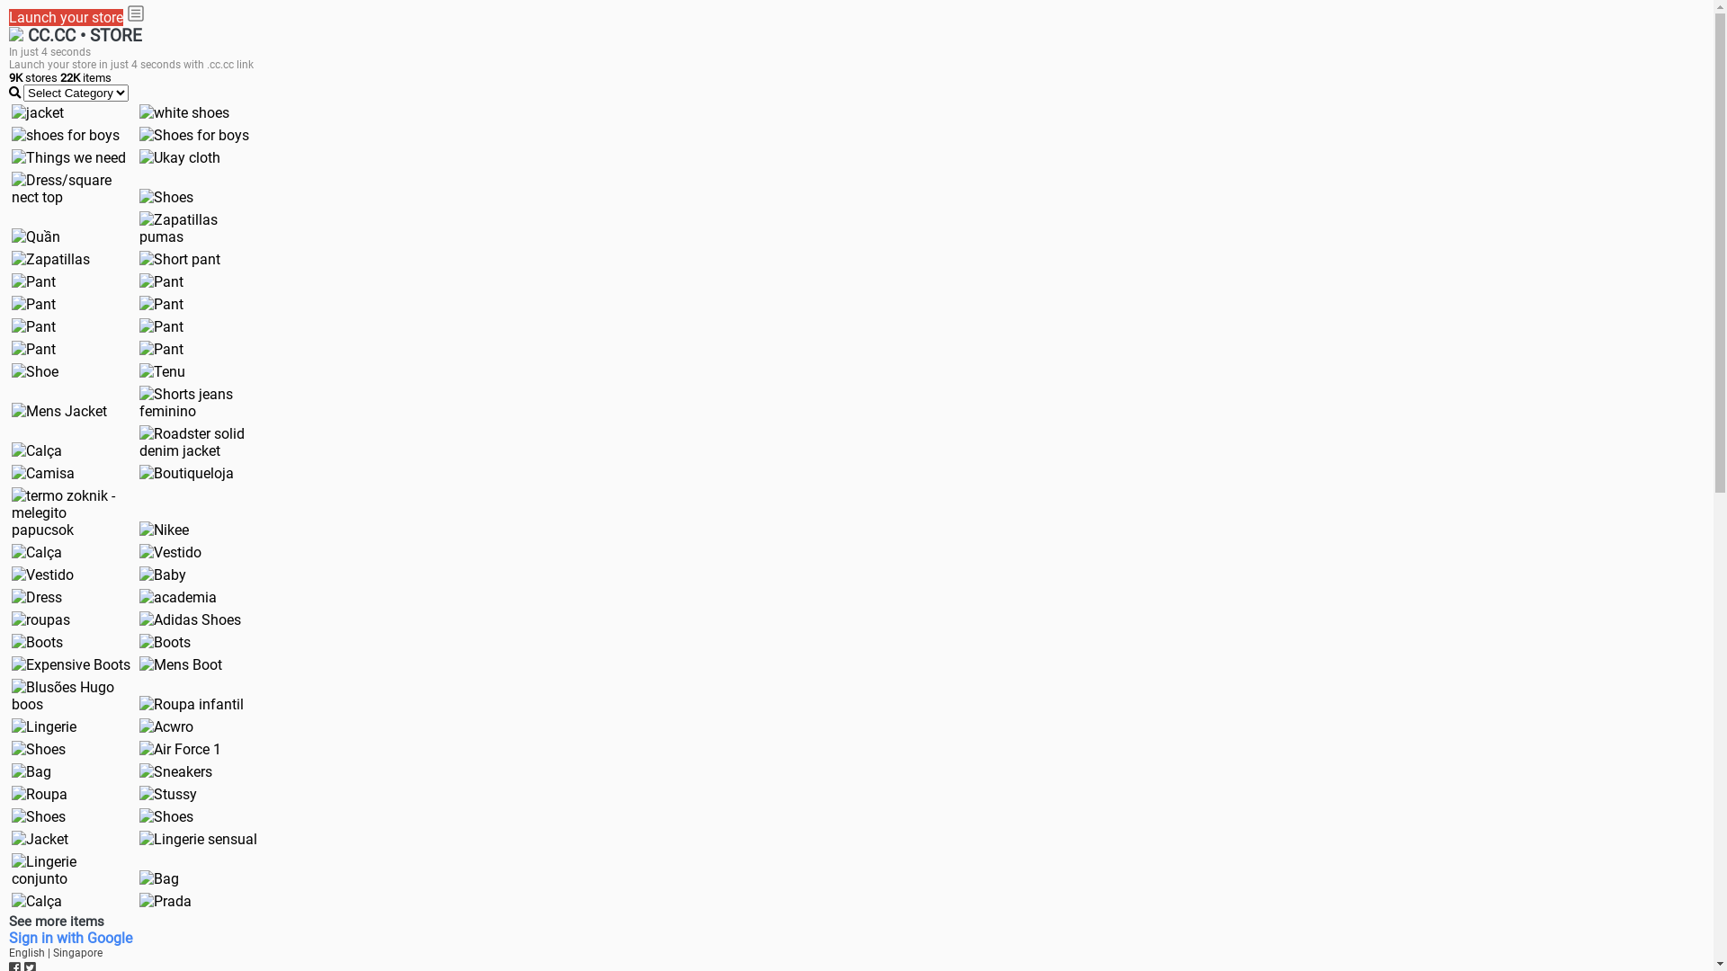 This screenshot has width=1727, height=971. What do you see at coordinates (65, 134) in the screenshot?
I see `'shoes for boys'` at bounding box center [65, 134].